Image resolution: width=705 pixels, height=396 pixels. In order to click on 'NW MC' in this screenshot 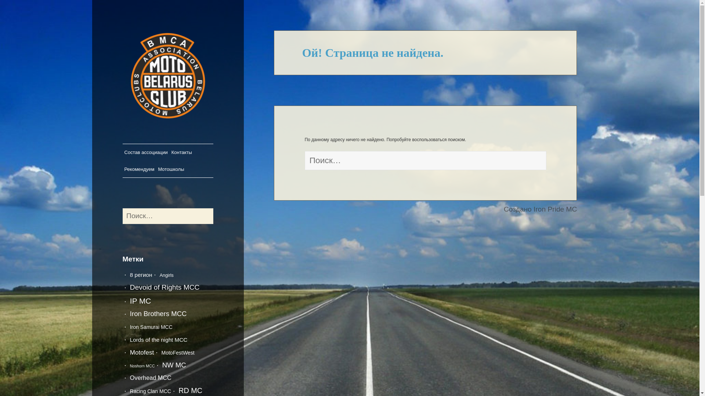, I will do `click(174, 365)`.